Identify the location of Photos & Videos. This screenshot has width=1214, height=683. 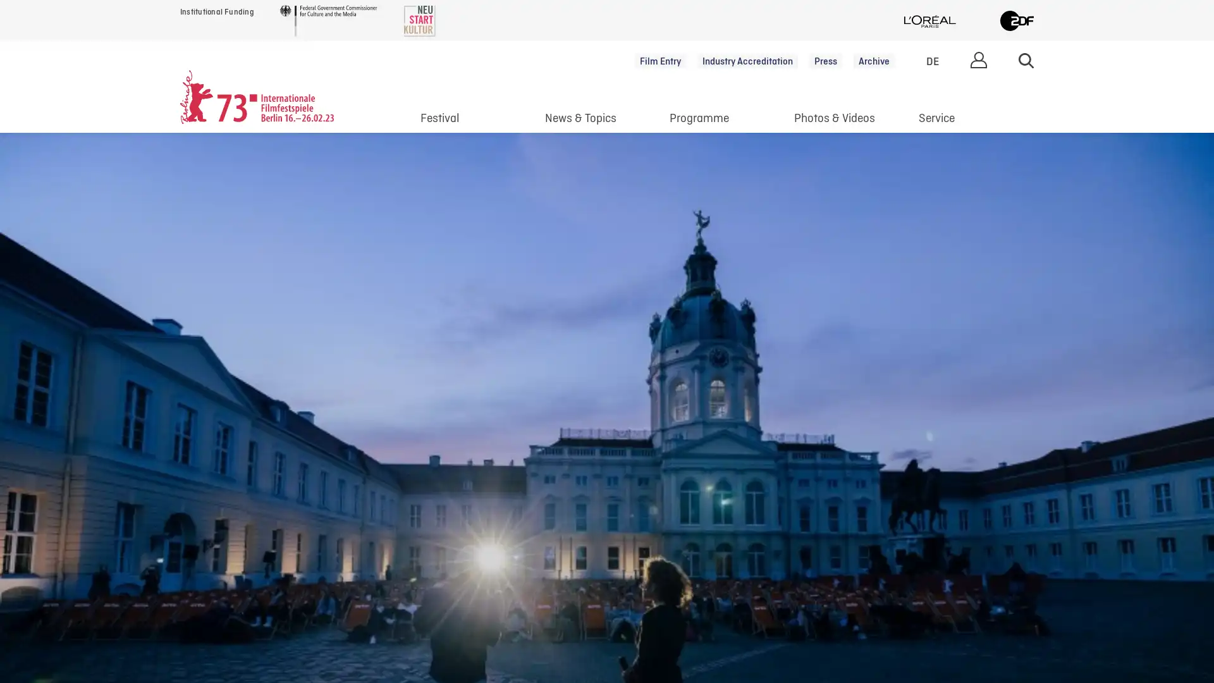
(834, 121).